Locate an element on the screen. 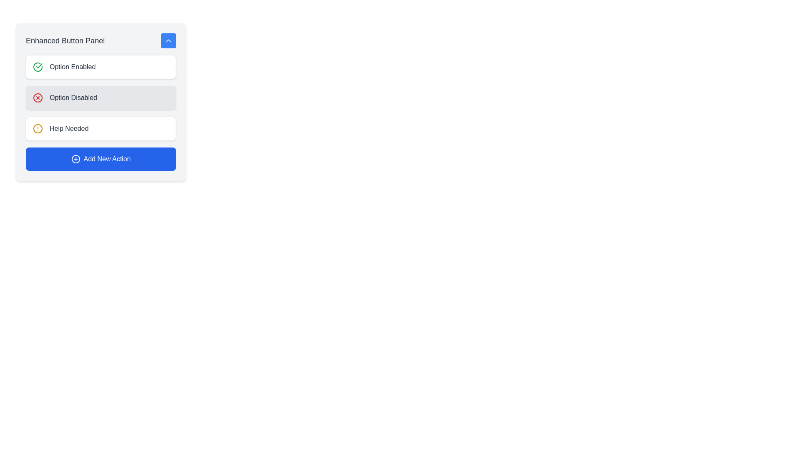 The height and width of the screenshot is (450, 801). the yellow circular icon with an exclamation mark located at the left corner of the 'Help Needed' card, adjacent to the title text is located at coordinates (38, 128).